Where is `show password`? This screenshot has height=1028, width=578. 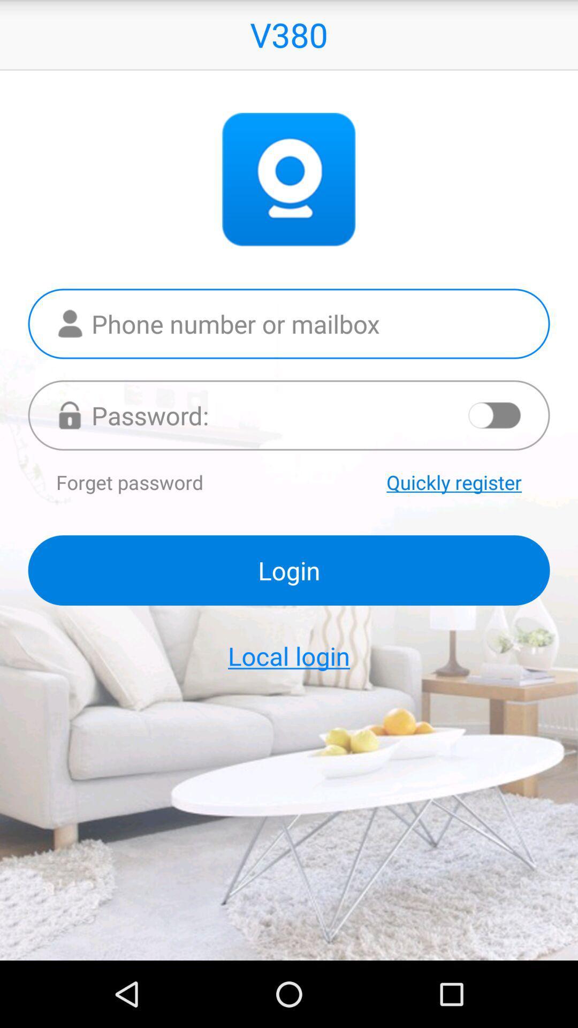
show password is located at coordinates (495, 414).